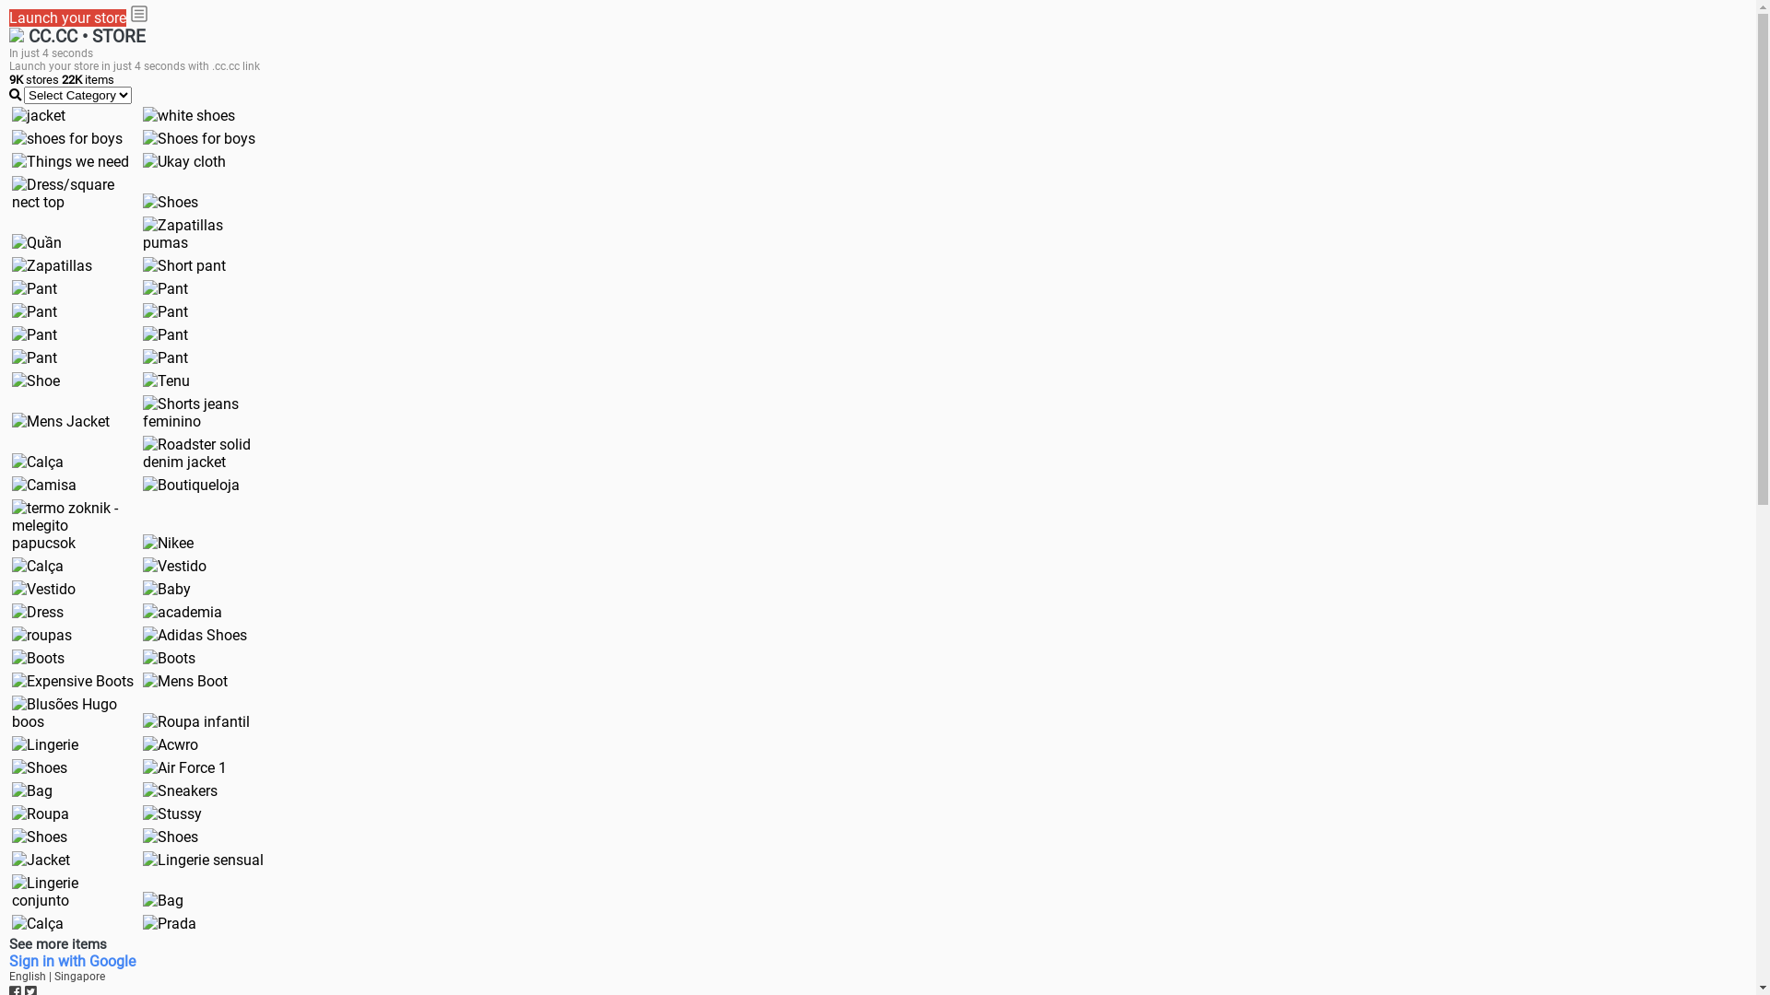  Describe the element at coordinates (141, 565) in the screenshot. I see `'Vestido'` at that location.